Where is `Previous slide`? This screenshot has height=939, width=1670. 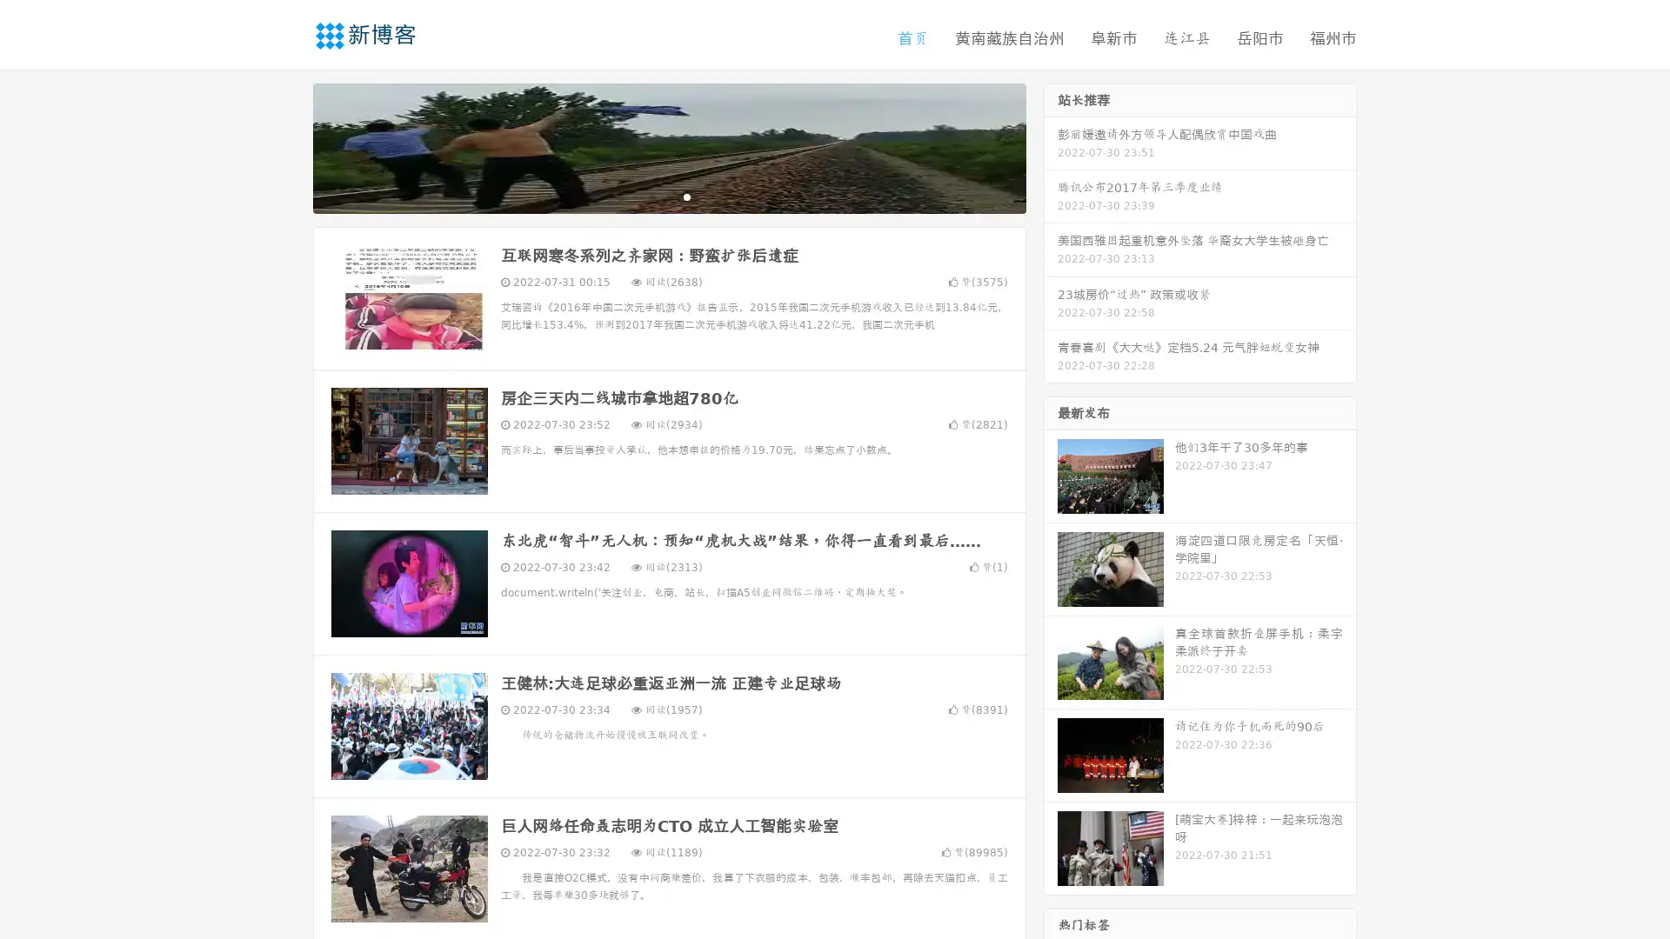 Previous slide is located at coordinates (287, 146).